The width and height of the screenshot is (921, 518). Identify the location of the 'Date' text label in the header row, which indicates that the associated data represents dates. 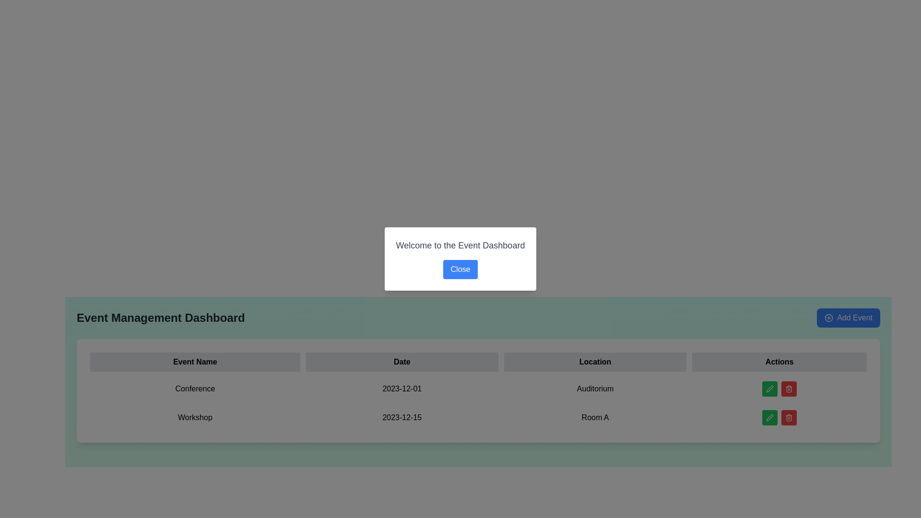
(402, 362).